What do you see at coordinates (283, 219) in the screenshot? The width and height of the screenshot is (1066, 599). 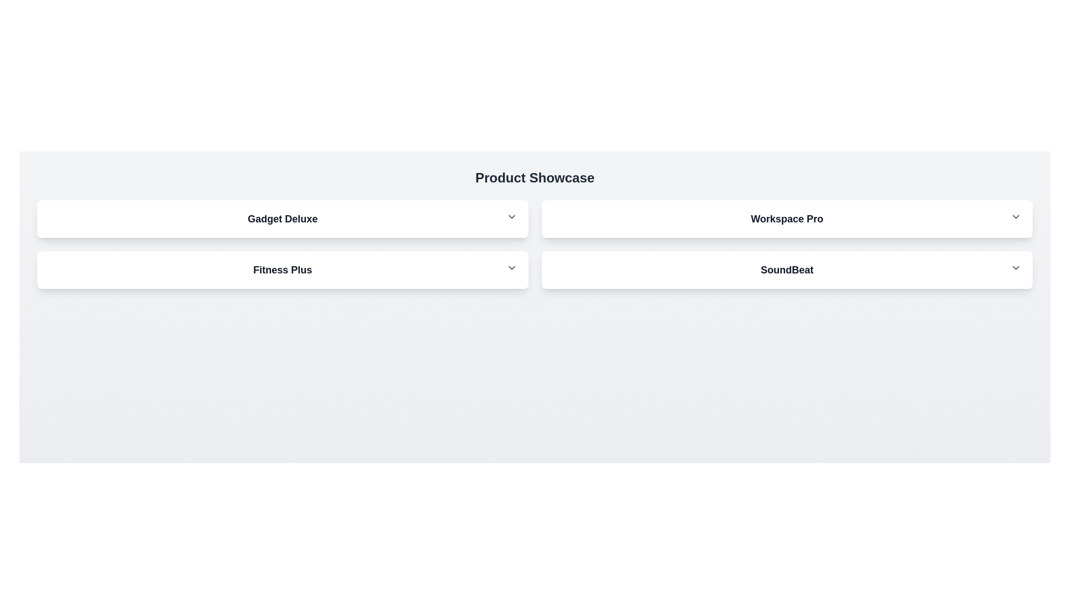 I see `the 'Gadget Deluxe' label located in the top left corner of the interface, which indicates the associated product or feature` at bounding box center [283, 219].